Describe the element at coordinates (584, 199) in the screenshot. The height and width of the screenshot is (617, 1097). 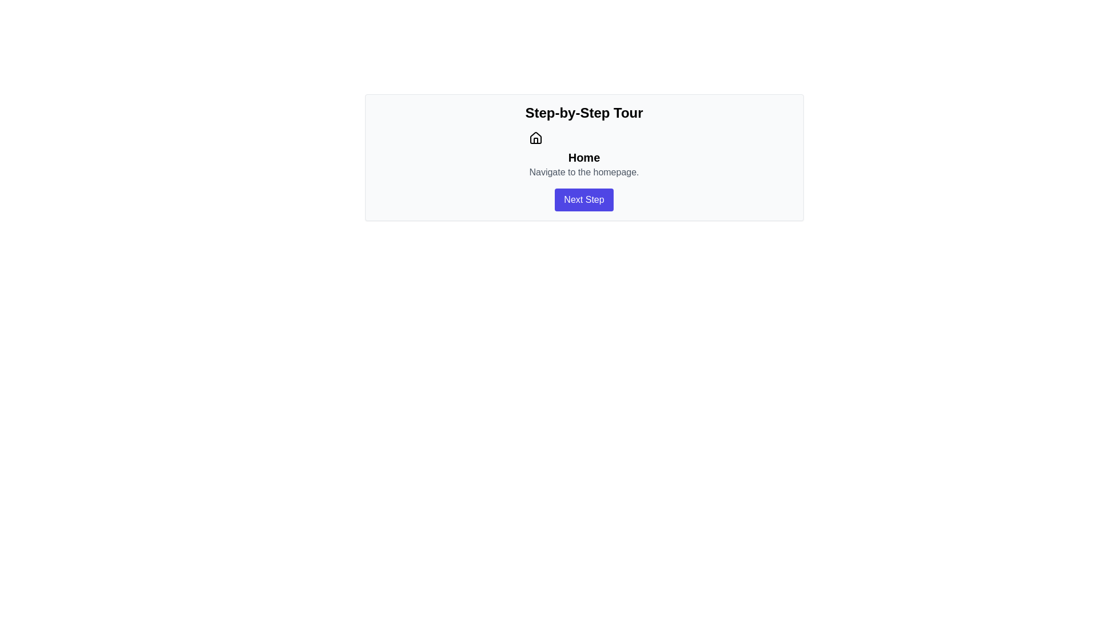
I see `the 'Next Step' button located within the 'Step-by-Step Tour' panel to proceed` at that location.